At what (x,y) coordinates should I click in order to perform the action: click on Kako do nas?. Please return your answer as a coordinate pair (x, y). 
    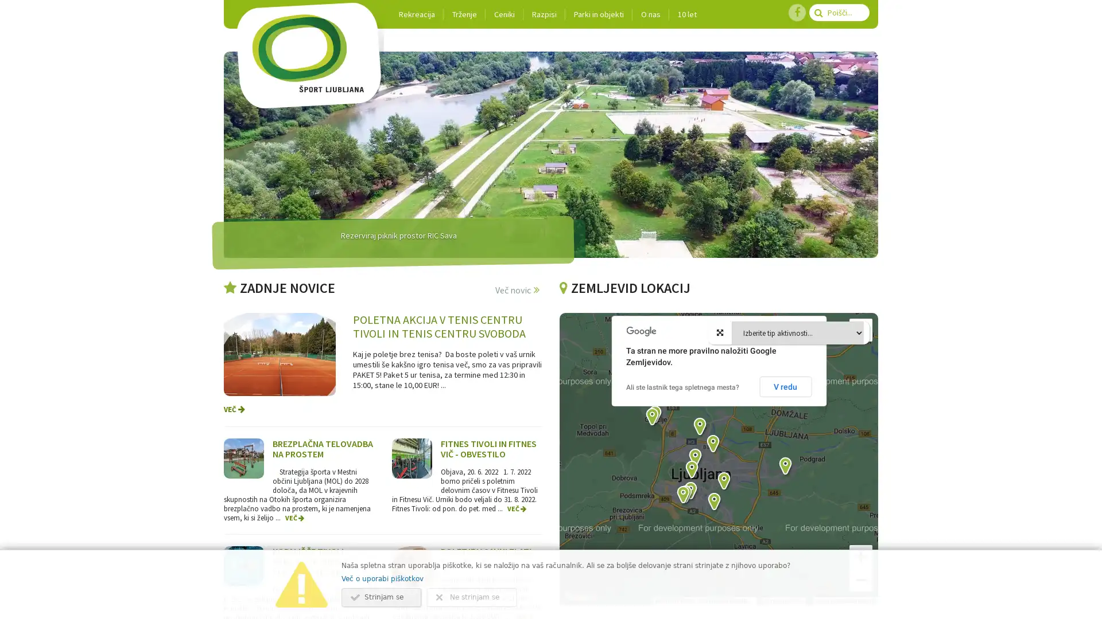
    Looking at the image, I should click on (719, 517).